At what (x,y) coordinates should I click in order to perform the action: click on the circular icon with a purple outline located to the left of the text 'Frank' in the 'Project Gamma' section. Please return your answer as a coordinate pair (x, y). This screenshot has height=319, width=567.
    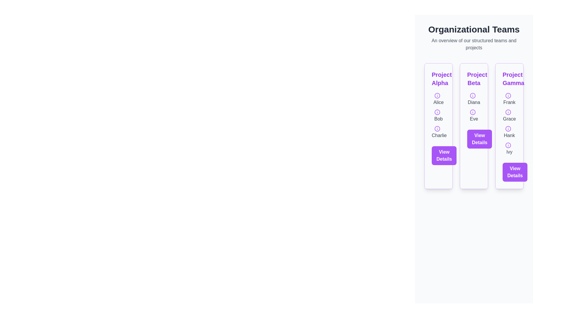
    Looking at the image, I should click on (508, 95).